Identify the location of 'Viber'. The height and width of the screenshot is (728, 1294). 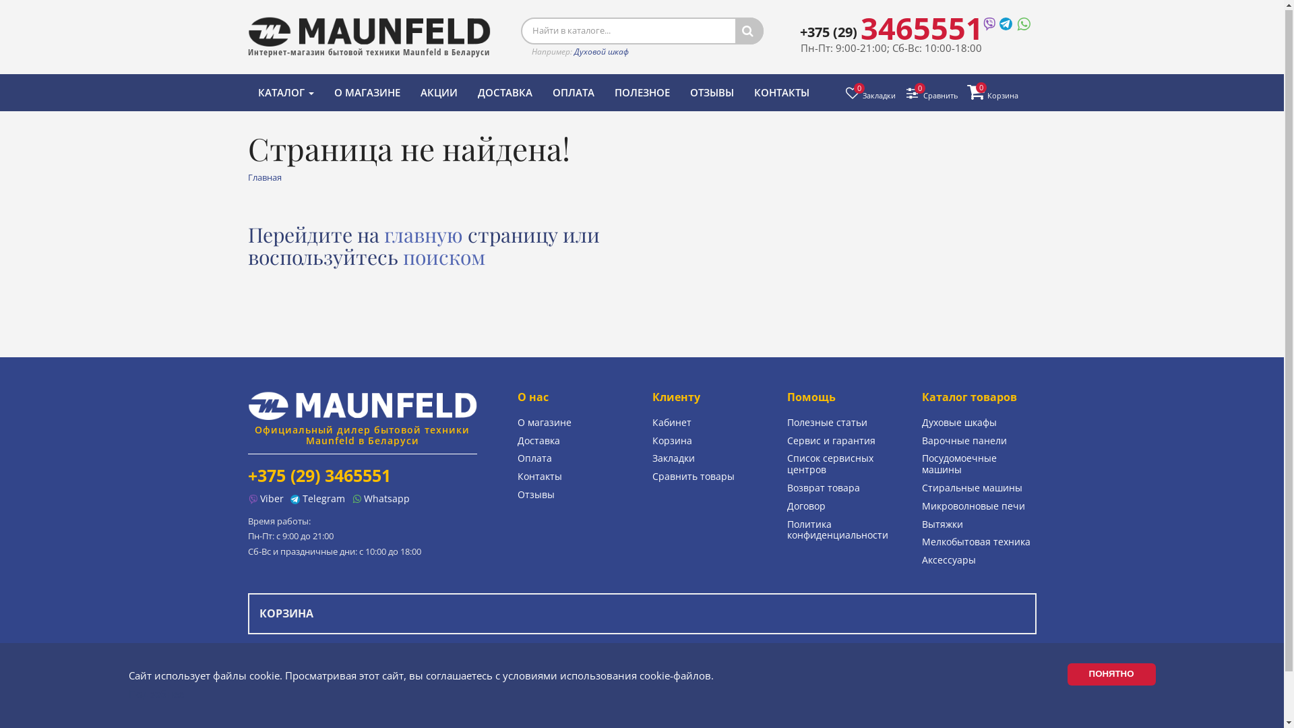
(266, 499).